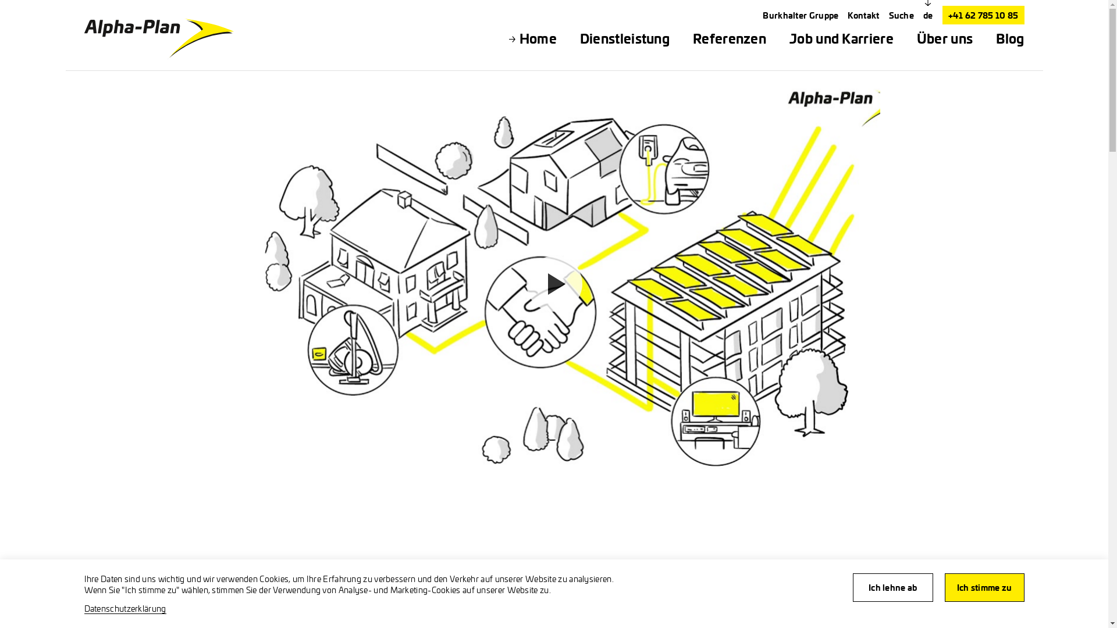 Image resolution: width=1117 pixels, height=628 pixels. What do you see at coordinates (800, 15) in the screenshot?
I see `'Burkhalter Gruppe'` at bounding box center [800, 15].